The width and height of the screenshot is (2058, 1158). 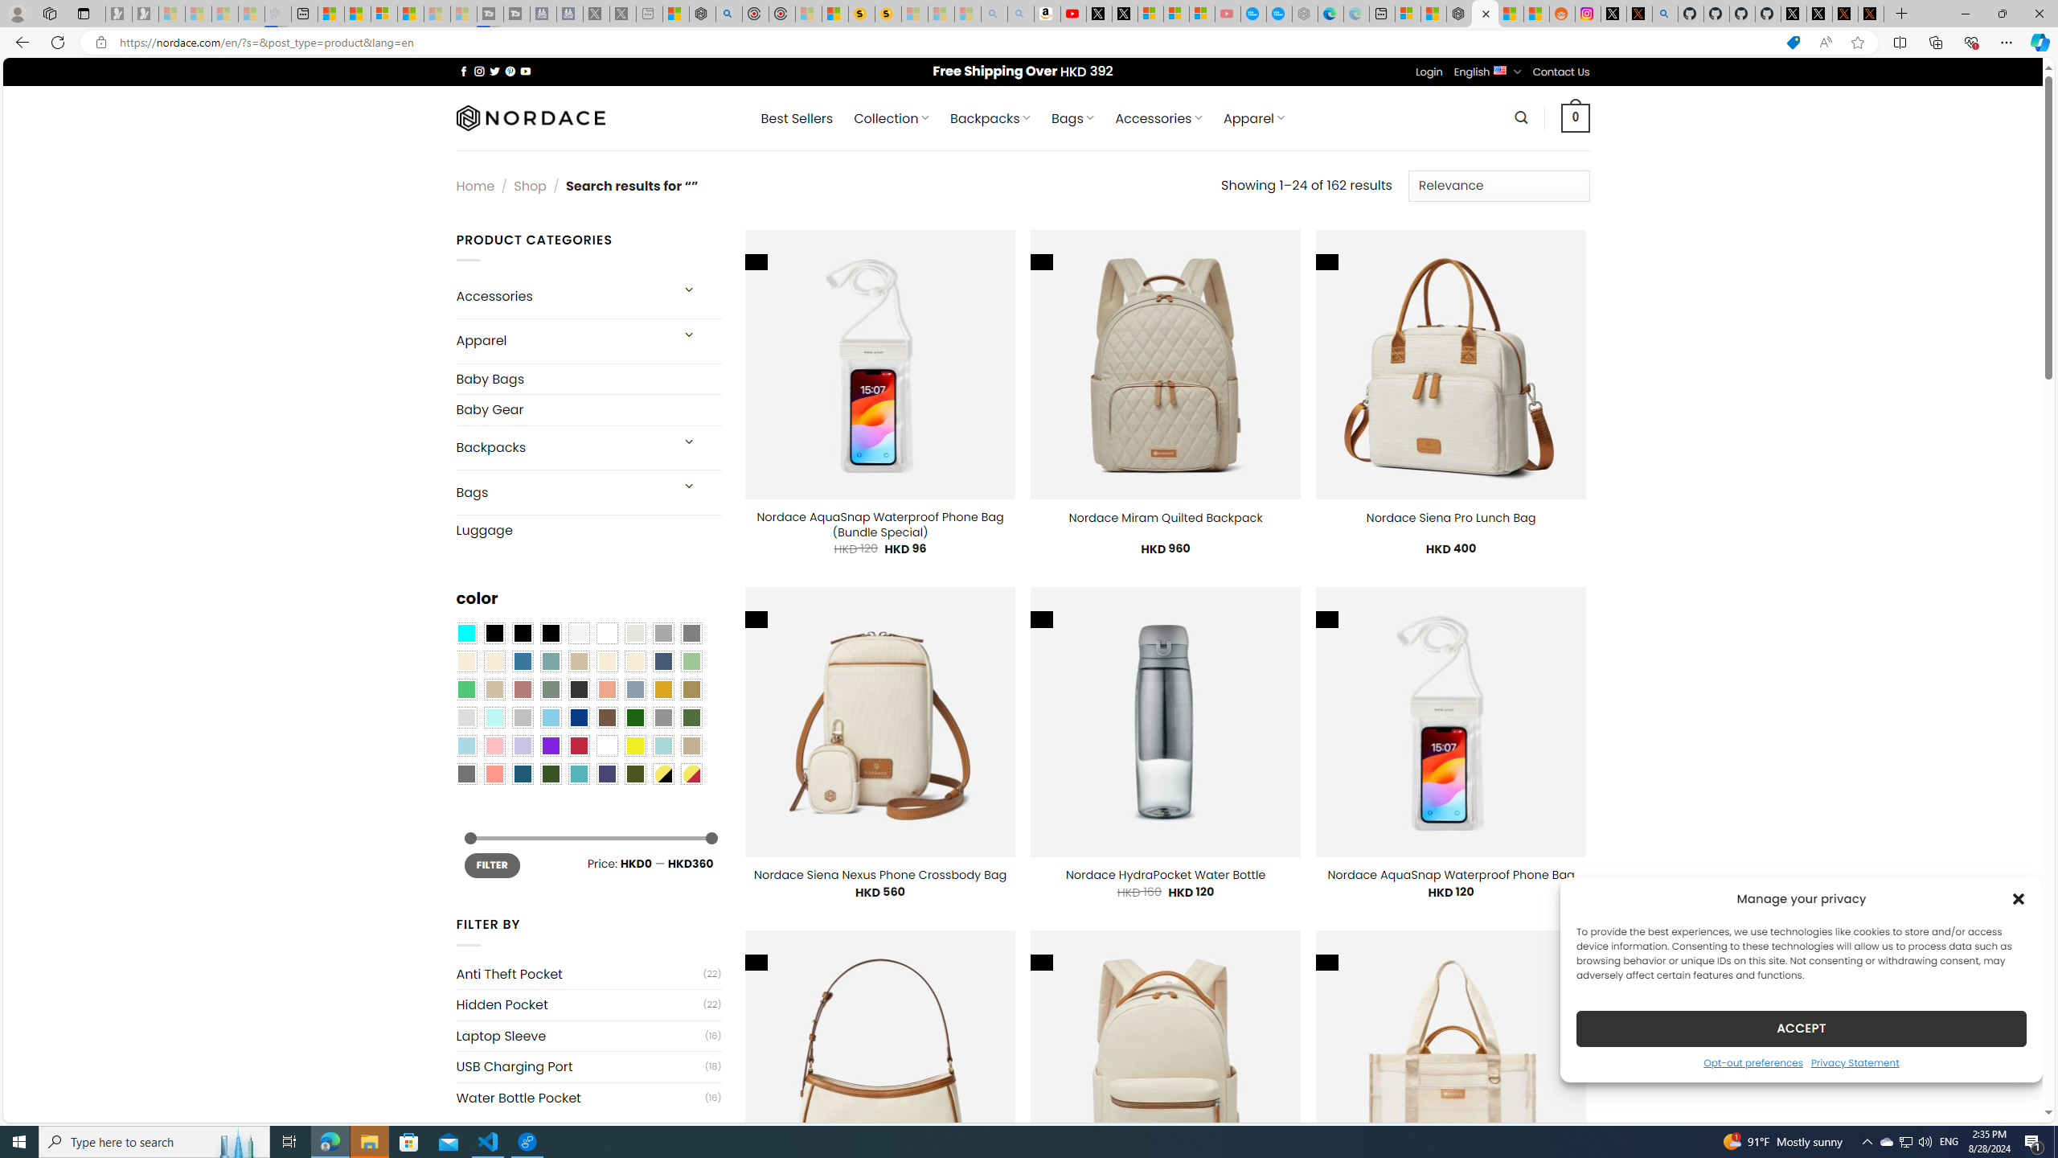 What do you see at coordinates (49, 13) in the screenshot?
I see `'Workspaces'` at bounding box center [49, 13].